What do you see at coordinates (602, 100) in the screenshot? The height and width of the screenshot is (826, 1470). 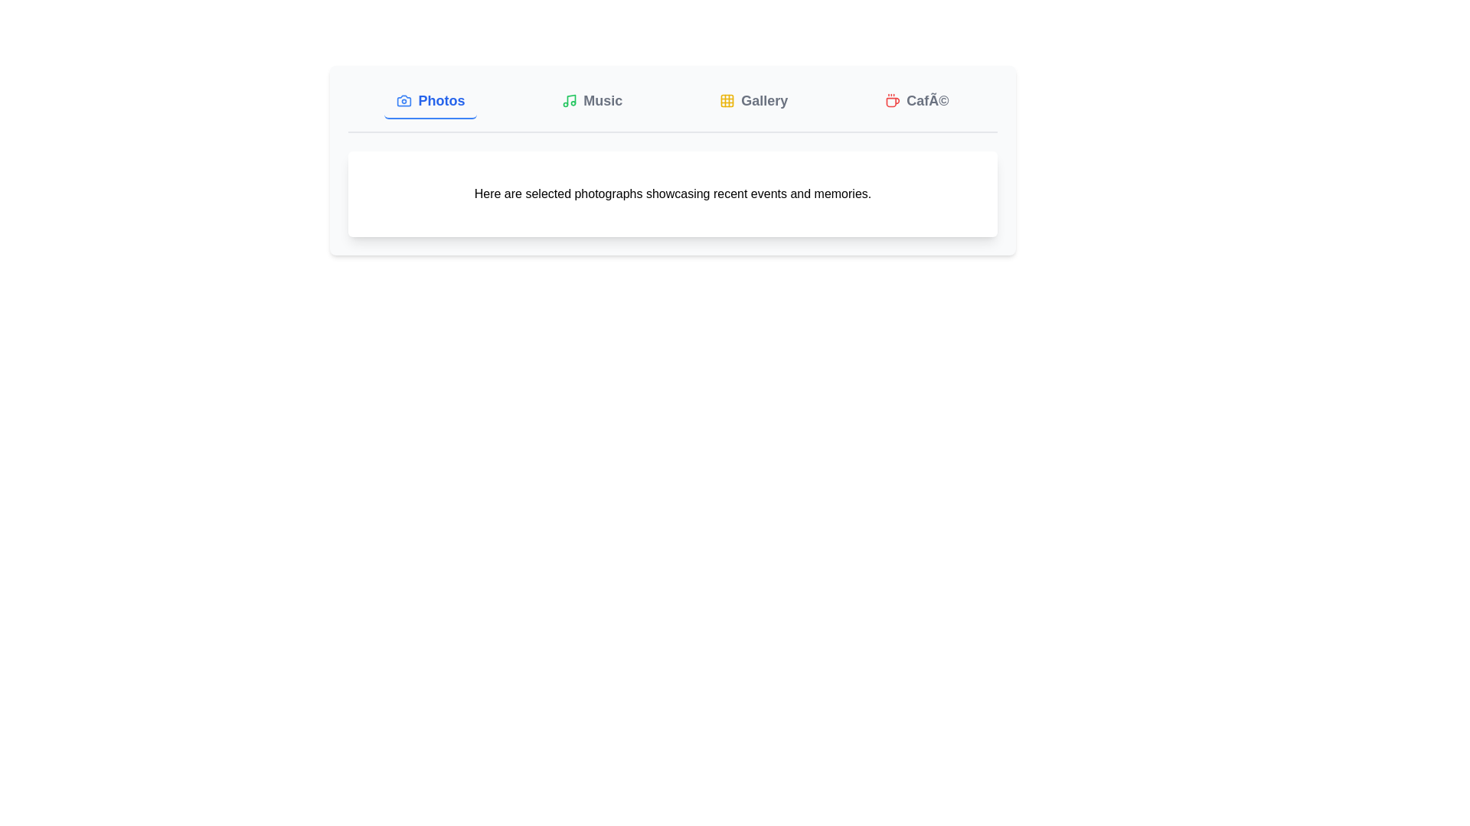 I see `the 'Music' text label` at bounding box center [602, 100].